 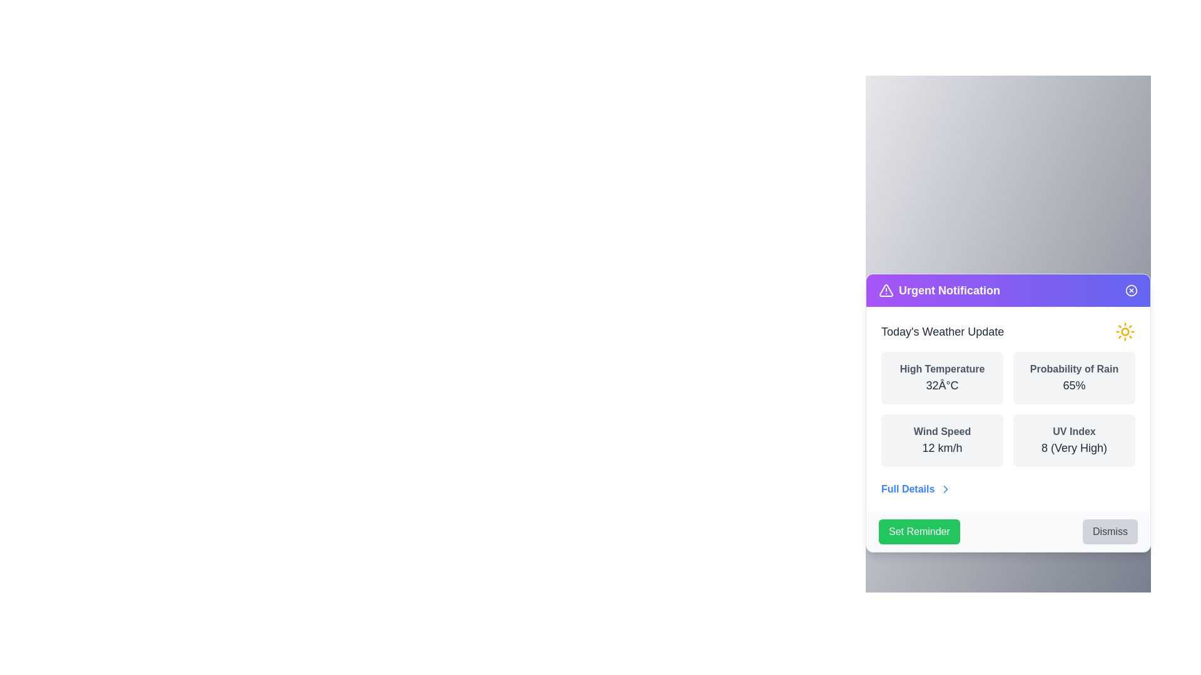 I want to click on the displayed high temperature forecast information on the top-left informational card in the weather grid, so click(x=942, y=377).